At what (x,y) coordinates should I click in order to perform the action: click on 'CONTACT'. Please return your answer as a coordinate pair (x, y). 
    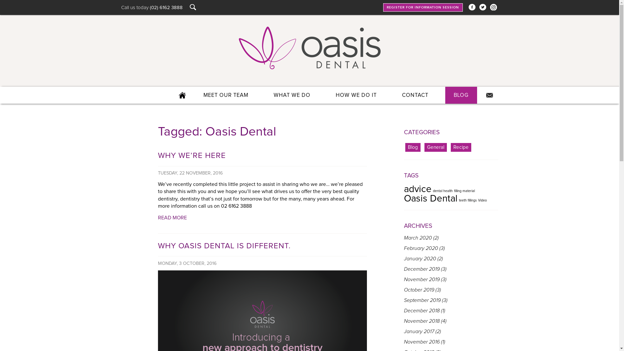
    Looking at the image, I should click on (393, 95).